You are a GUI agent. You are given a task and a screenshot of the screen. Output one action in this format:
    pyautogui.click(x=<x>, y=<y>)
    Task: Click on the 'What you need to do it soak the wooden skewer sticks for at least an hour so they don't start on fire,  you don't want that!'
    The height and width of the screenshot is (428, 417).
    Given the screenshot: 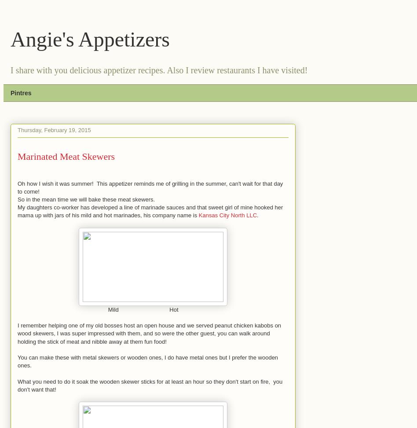 What is the action you would take?
    pyautogui.click(x=150, y=385)
    